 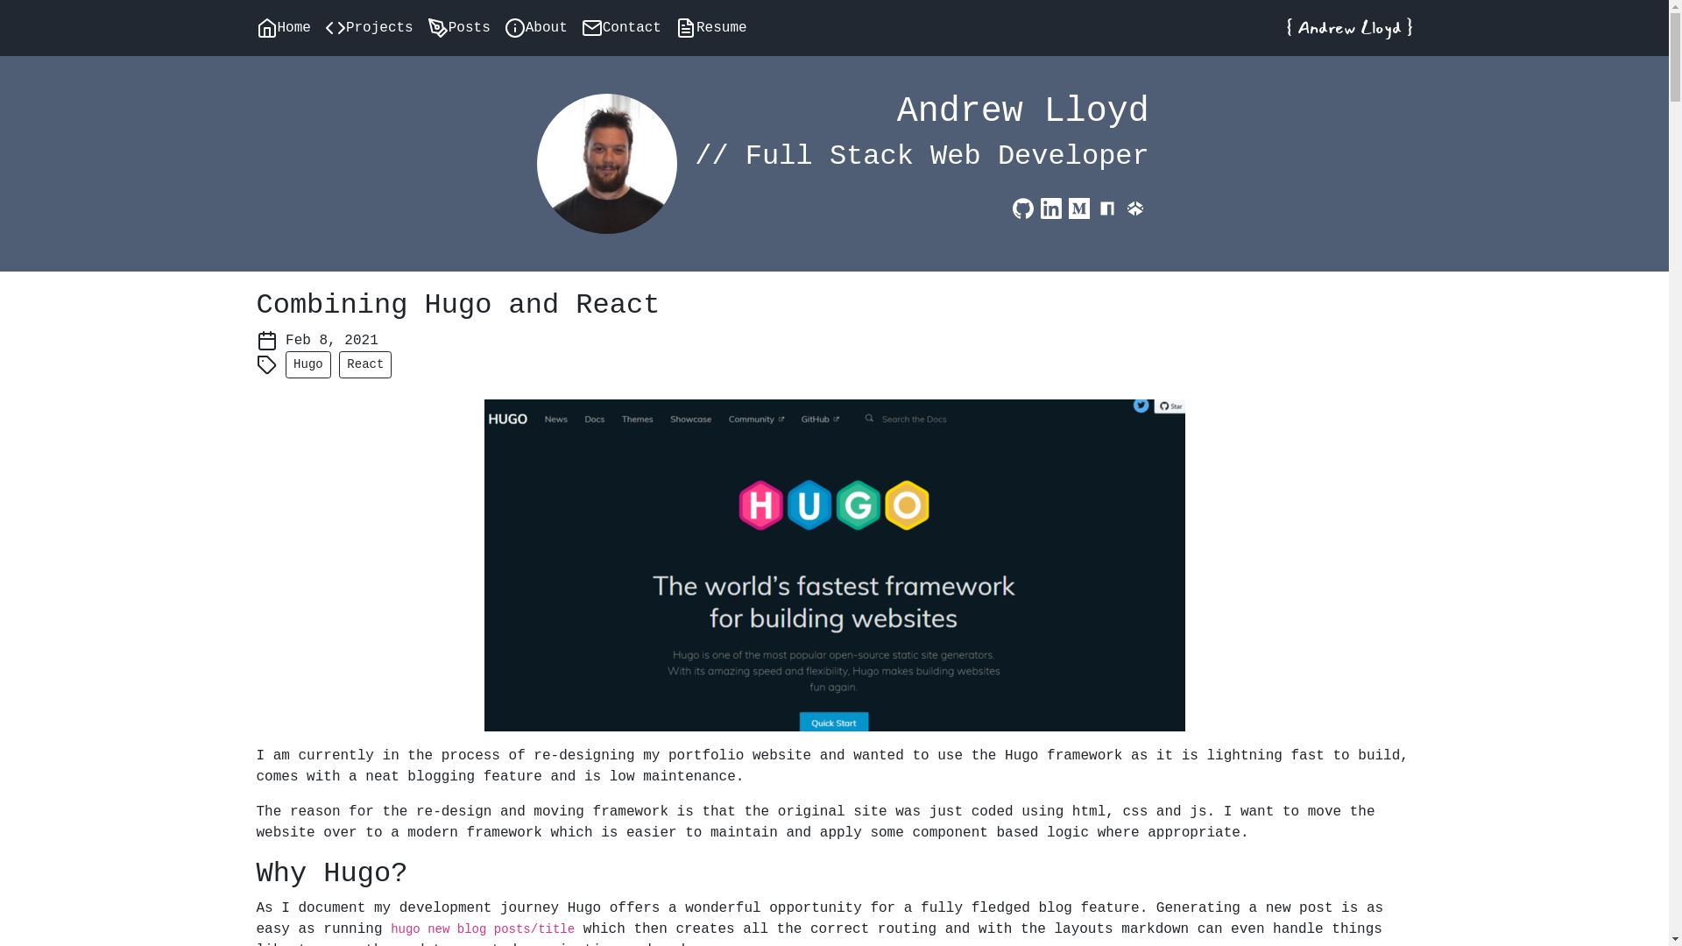 I want to click on 'Posts', so click(x=428, y=27).